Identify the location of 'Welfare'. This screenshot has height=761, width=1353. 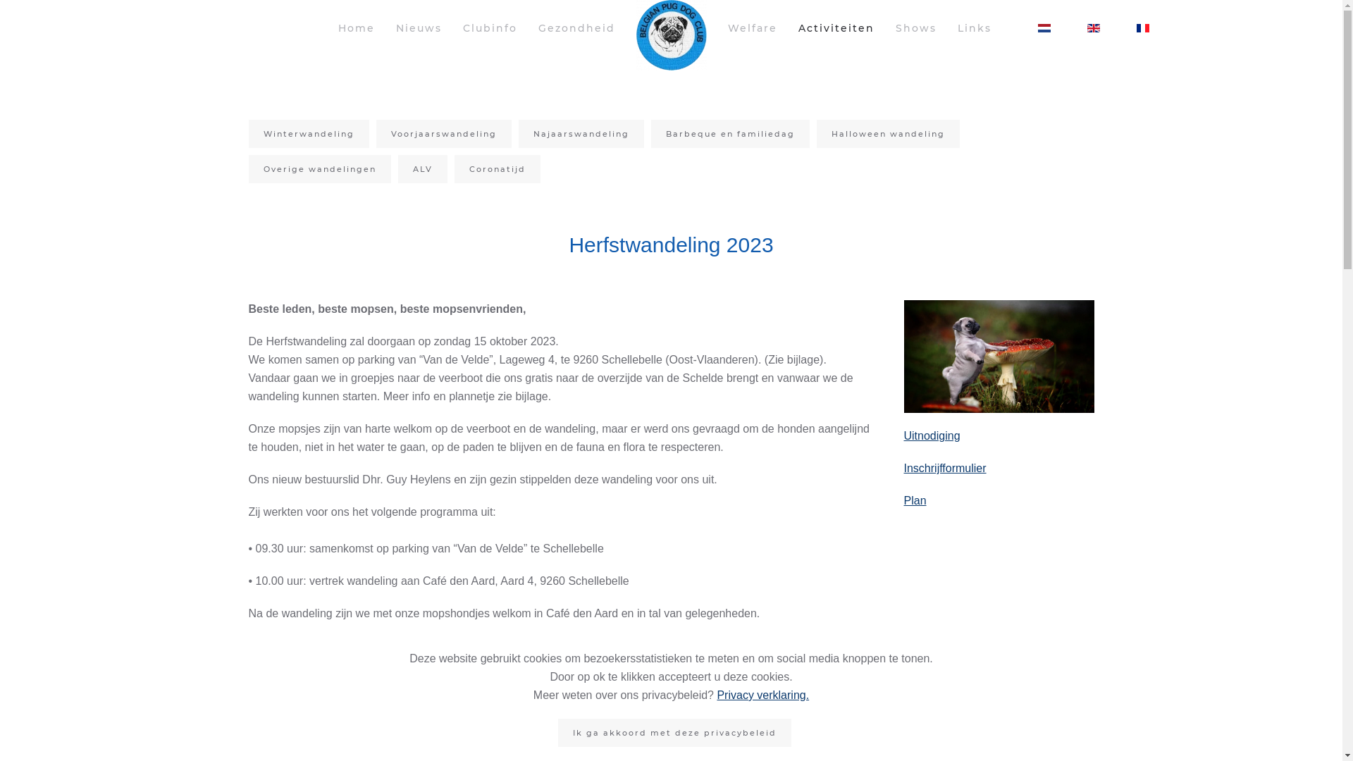
(750, 27).